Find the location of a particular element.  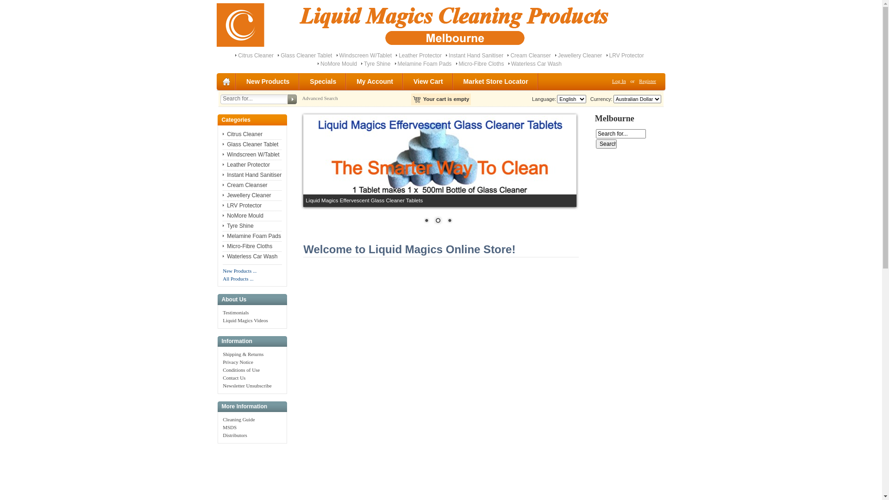

'Market Store Locator' is located at coordinates (495, 81).